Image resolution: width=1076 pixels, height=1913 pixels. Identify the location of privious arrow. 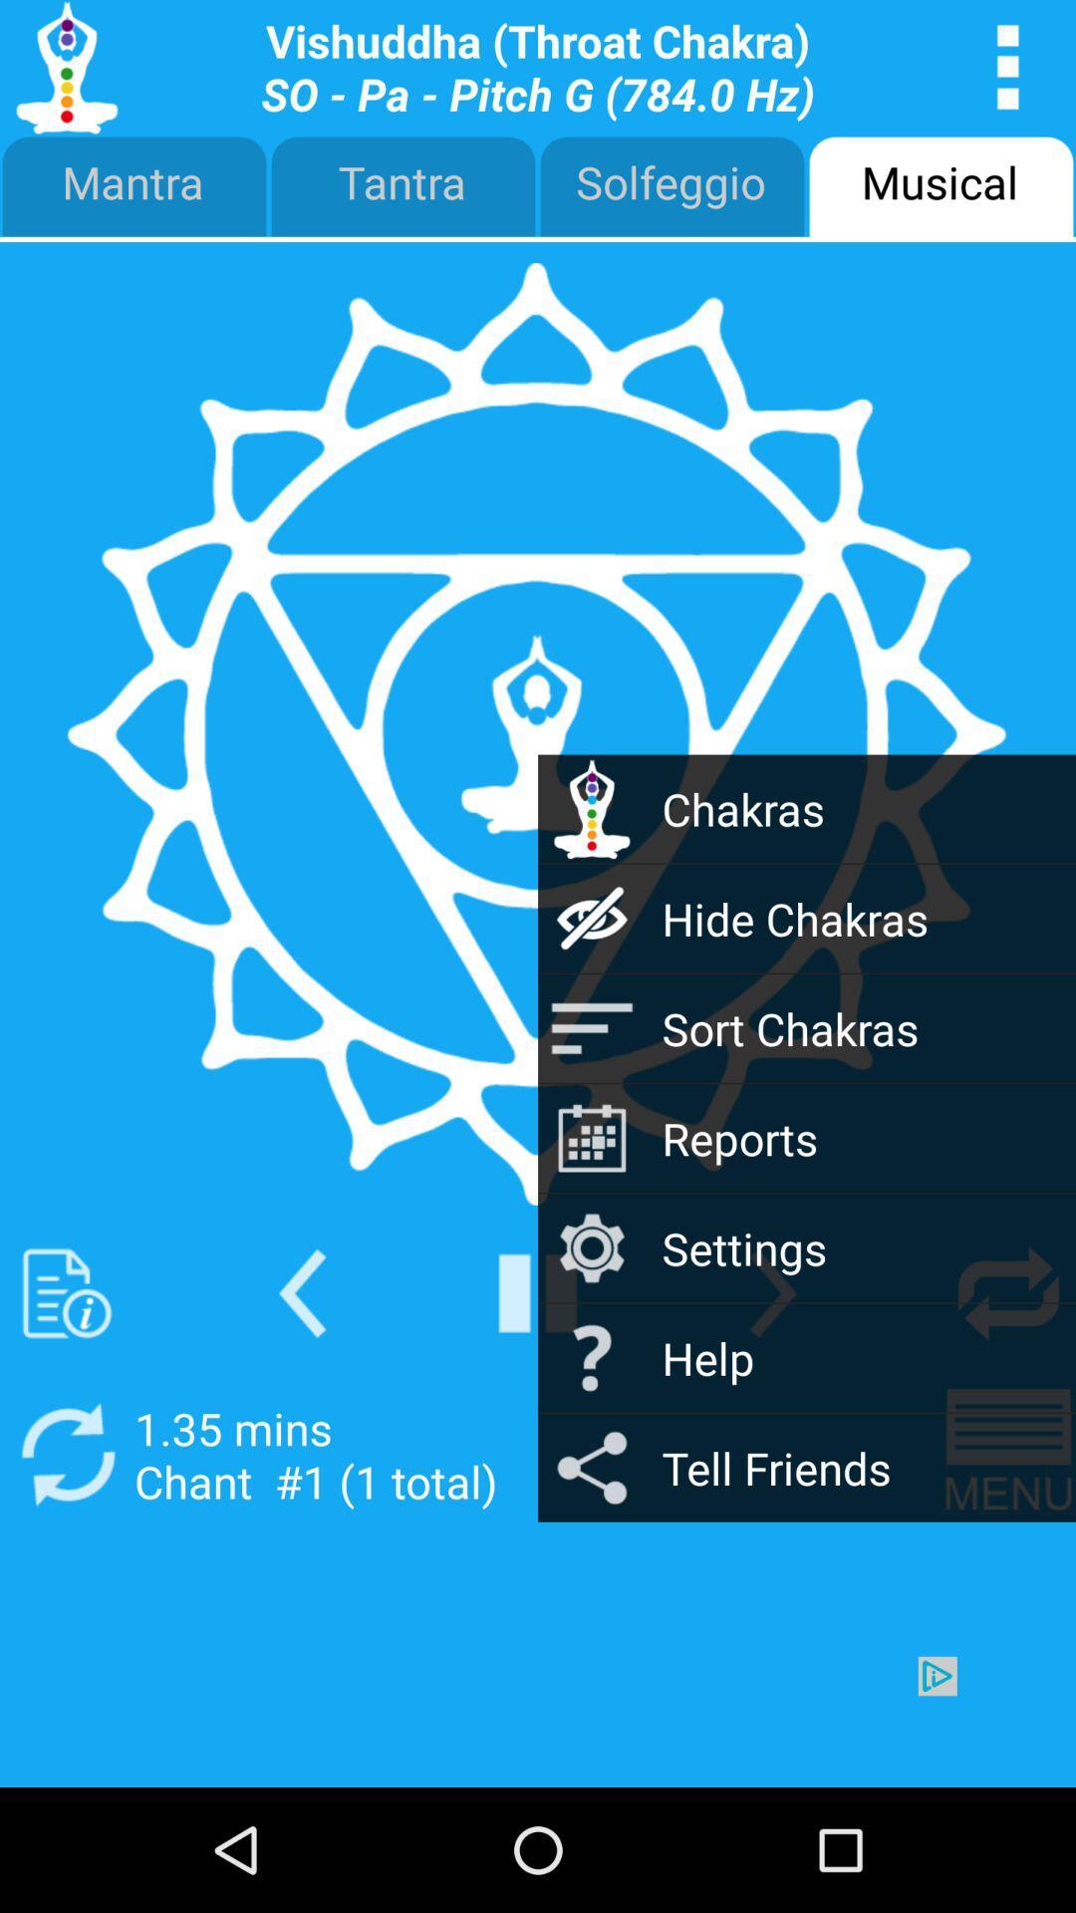
(302, 1293).